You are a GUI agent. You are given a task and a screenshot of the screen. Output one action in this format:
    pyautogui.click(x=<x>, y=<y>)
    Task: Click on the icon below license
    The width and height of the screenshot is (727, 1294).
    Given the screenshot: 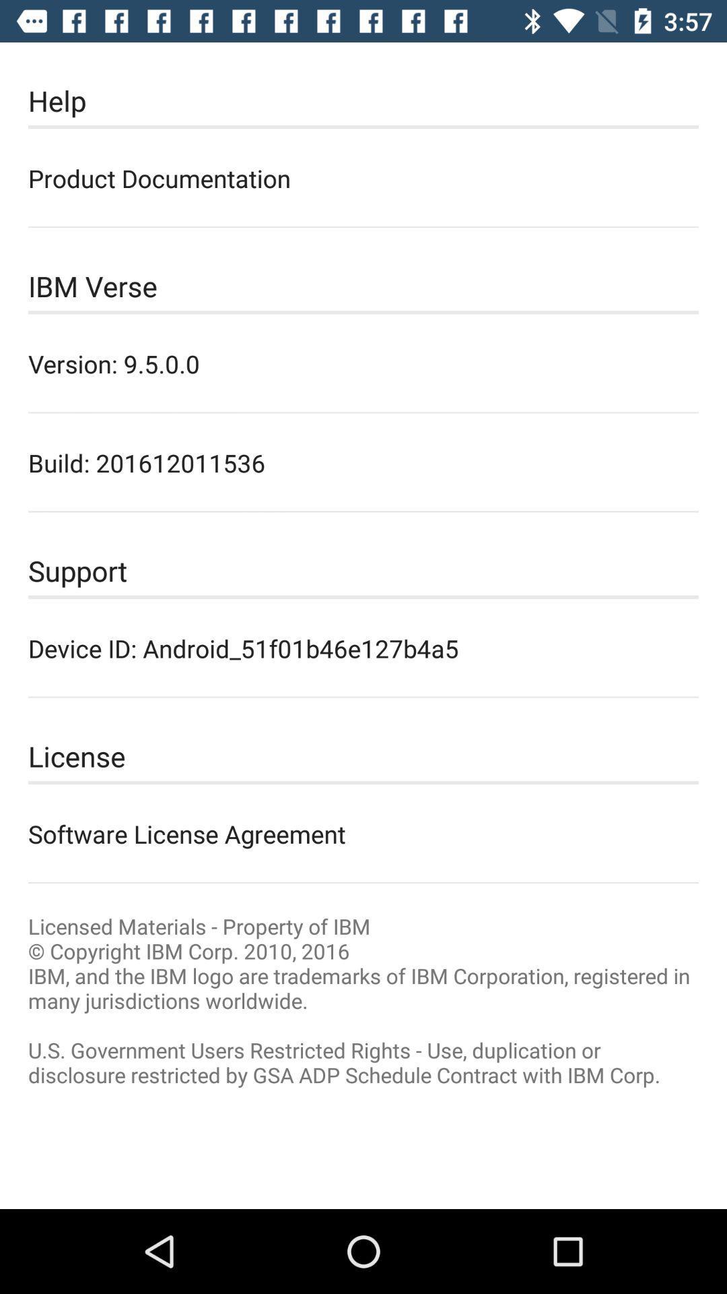 What is the action you would take?
    pyautogui.click(x=363, y=833)
    